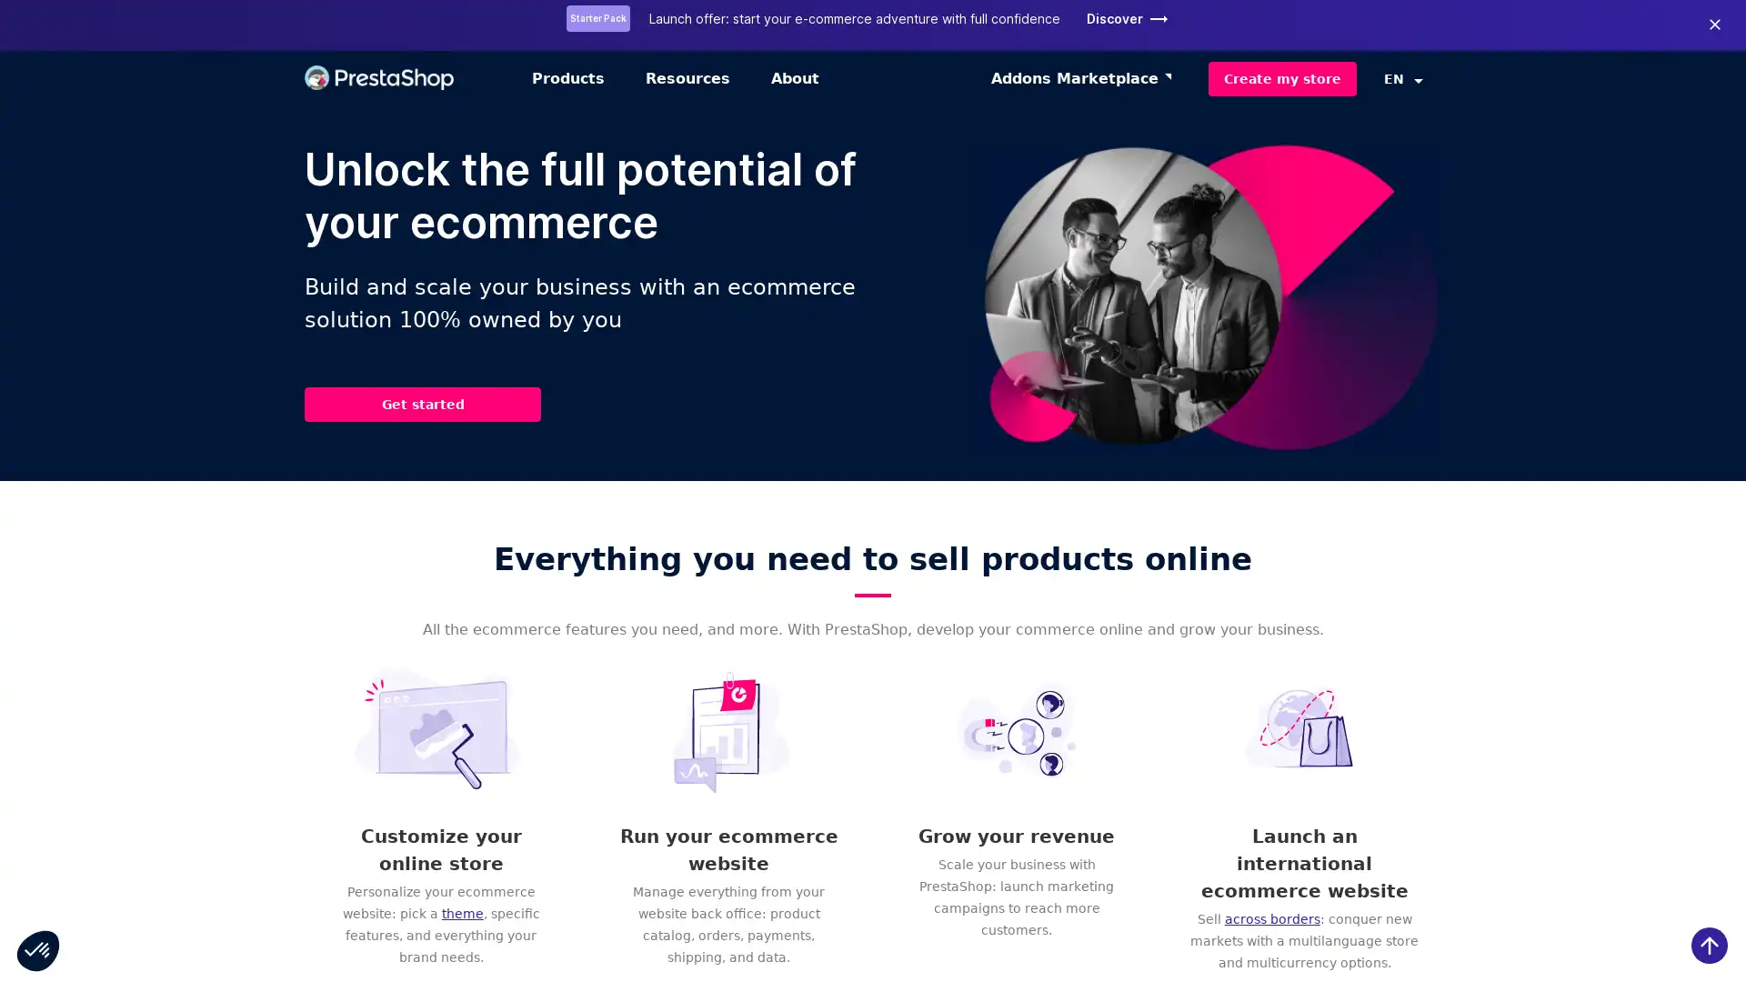 The width and height of the screenshot is (1746, 982). What do you see at coordinates (38, 949) in the screenshot?
I see `Close` at bounding box center [38, 949].